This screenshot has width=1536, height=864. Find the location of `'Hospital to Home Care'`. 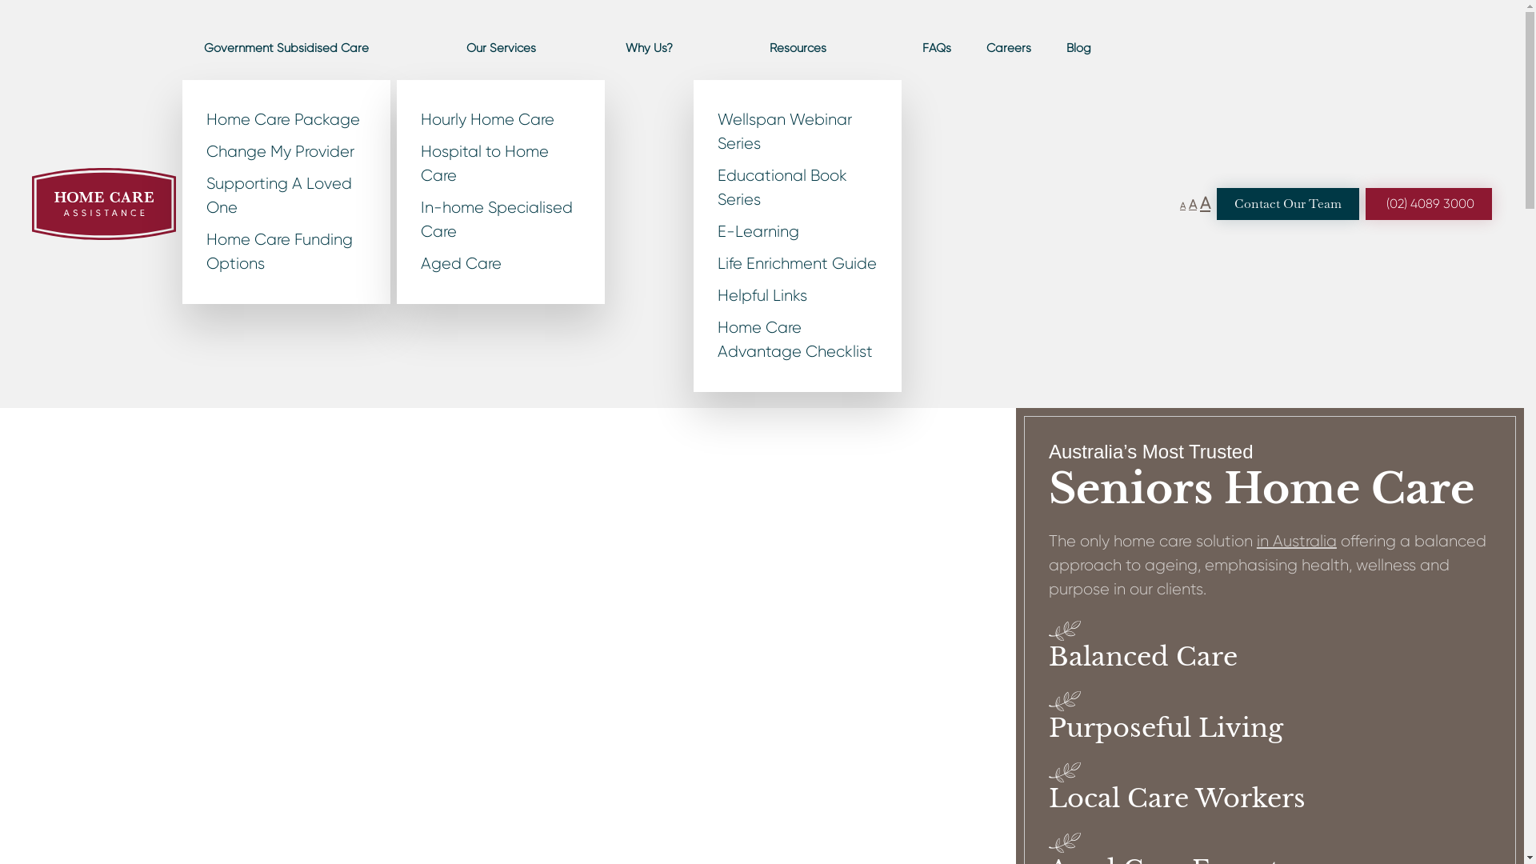

'Hospital to Home Care' is located at coordinates (499, 163).